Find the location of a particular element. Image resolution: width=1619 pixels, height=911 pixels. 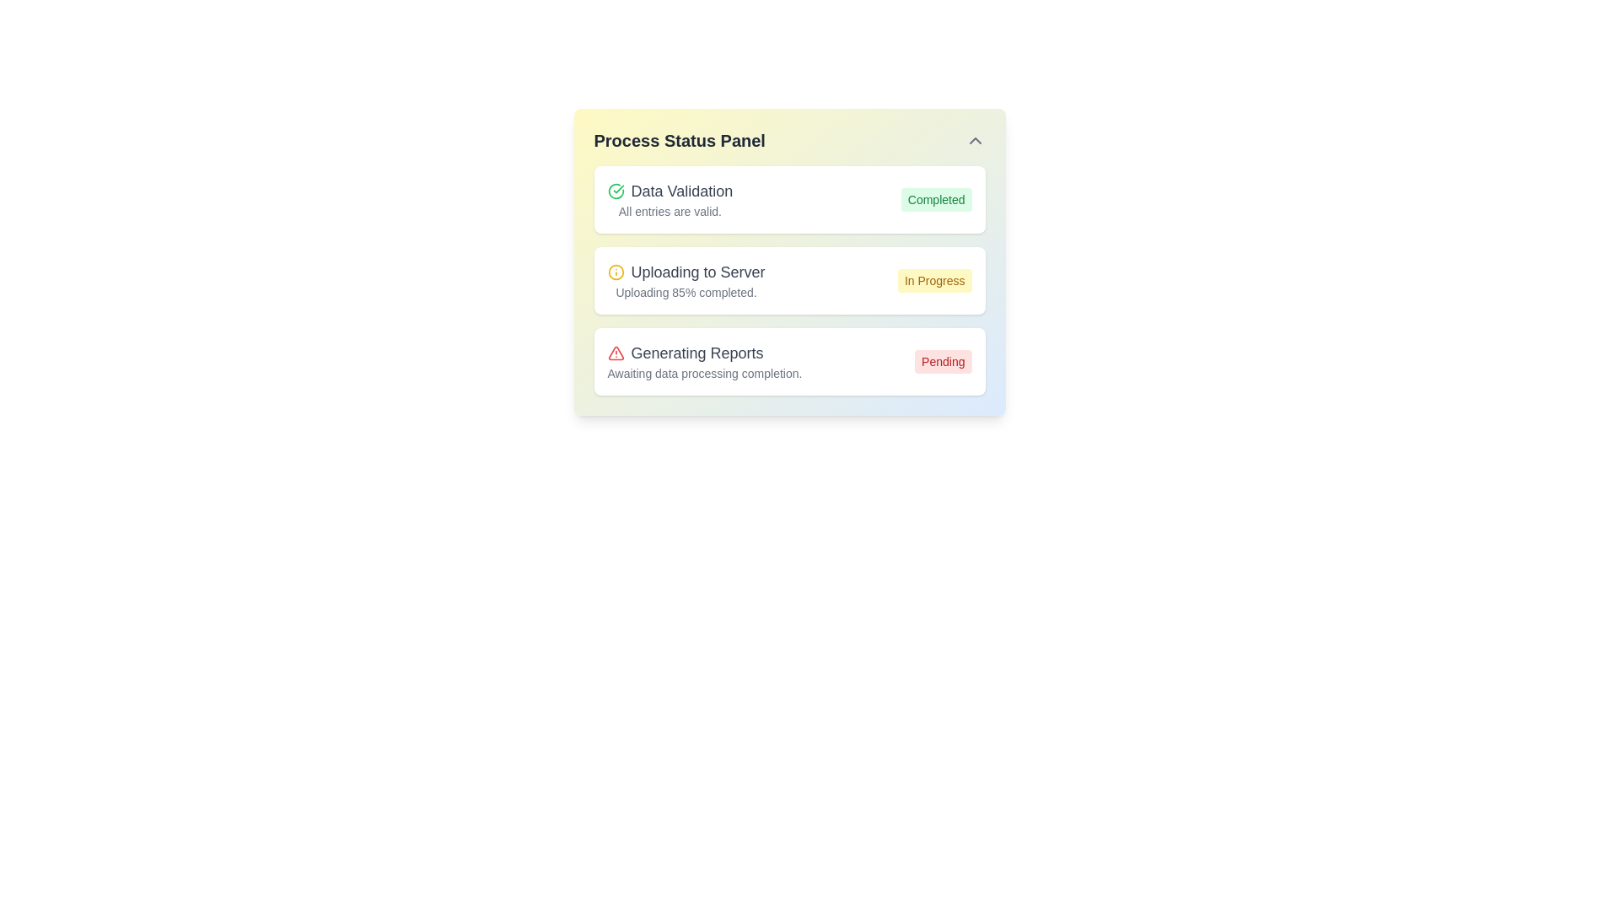

the status of the report generation is located at coordinates (788, 360).